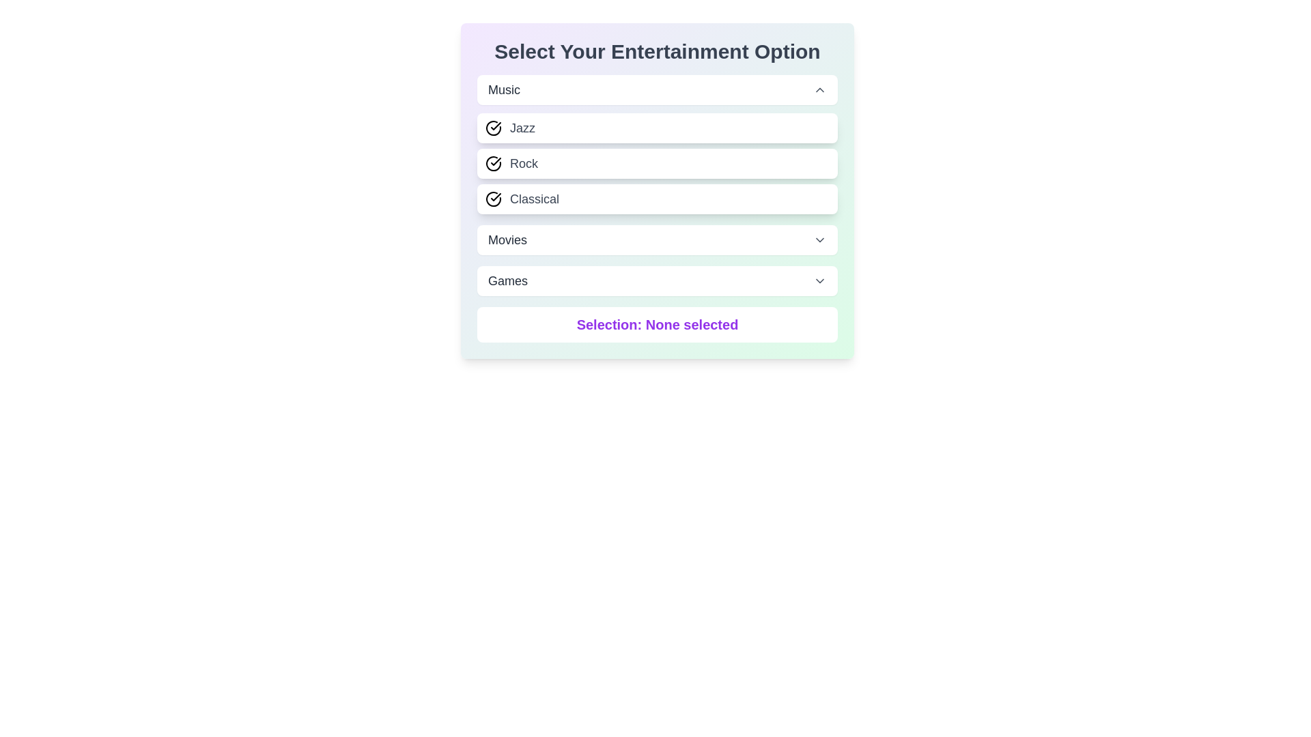 The image size is (1311, 737). Describe the element at coordinates (658, 162) in the screenshot. I see `the 'Rock' radio button, which is the second option in the 'Music' category` at that location.